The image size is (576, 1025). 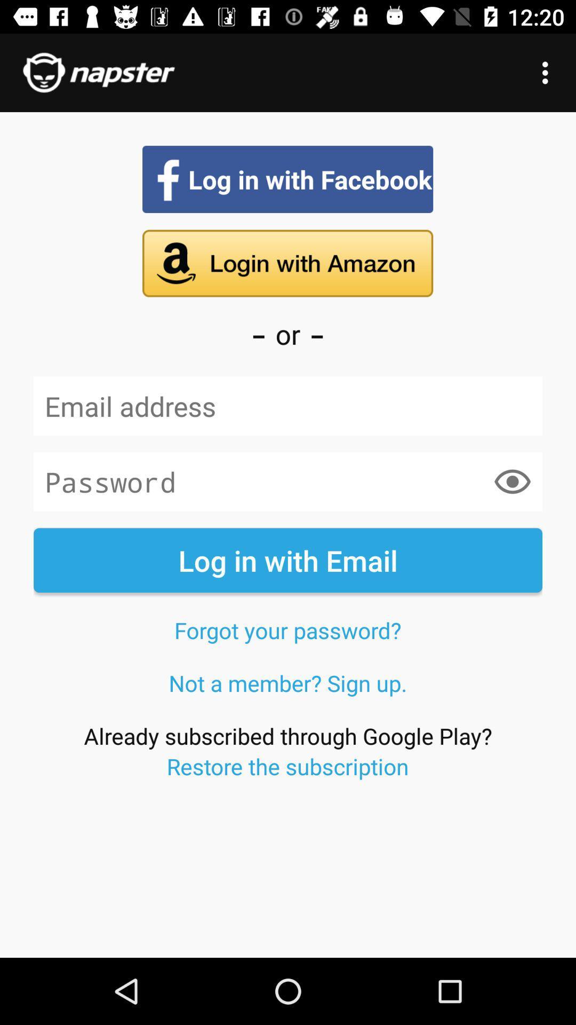 I want to click on the item below the or icon, so click(x=288, y=405).